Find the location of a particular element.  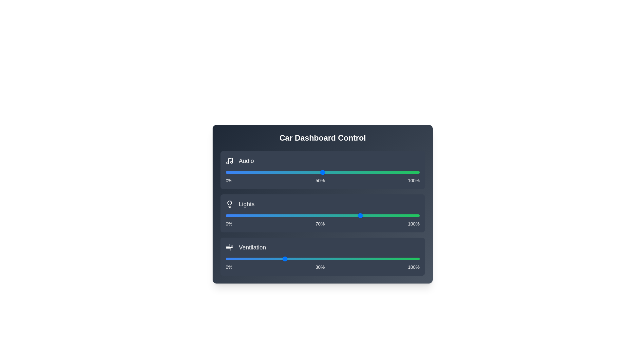

the audio slider to set the volume to 60% is located at coordinates (342, 172).